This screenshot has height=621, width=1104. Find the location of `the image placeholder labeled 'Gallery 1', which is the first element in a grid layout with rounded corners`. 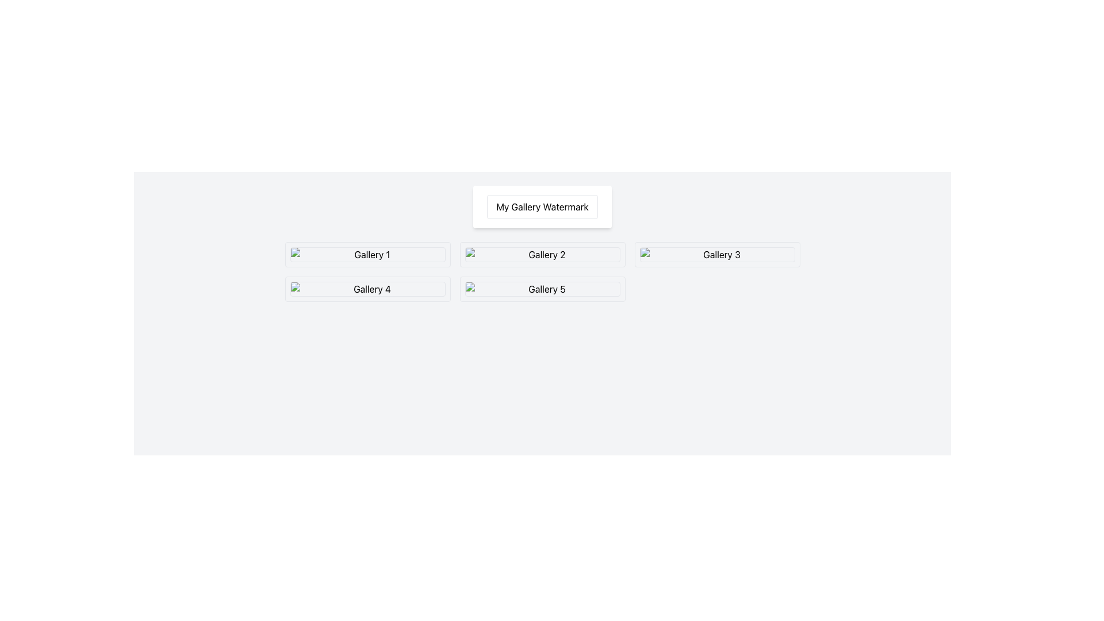

the image placeholder labeled 'Gallery 1', which is the first element in a grid layout with rounded corners is located at coordinates (367, 254).